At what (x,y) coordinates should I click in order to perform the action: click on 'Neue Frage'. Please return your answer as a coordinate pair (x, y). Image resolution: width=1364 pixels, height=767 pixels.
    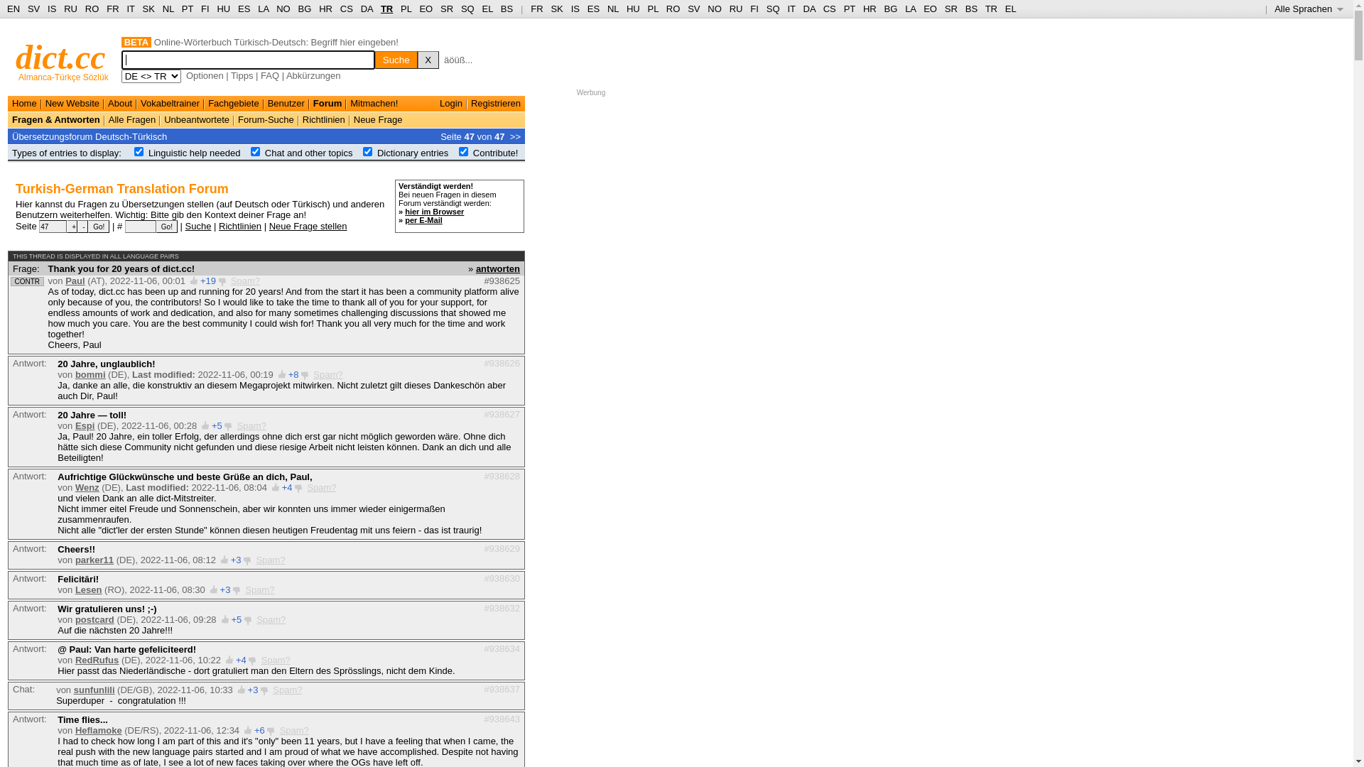
    Looking at the image, I should click on (378, 119).